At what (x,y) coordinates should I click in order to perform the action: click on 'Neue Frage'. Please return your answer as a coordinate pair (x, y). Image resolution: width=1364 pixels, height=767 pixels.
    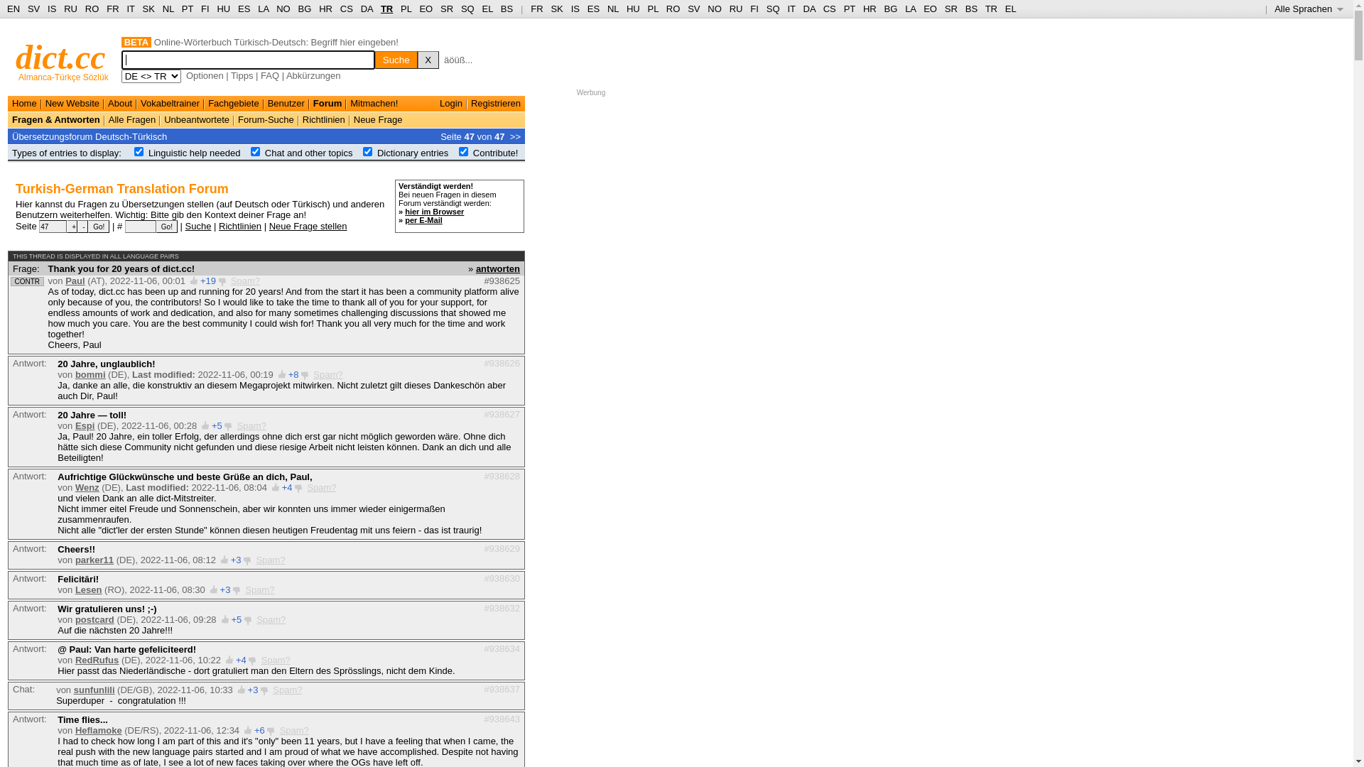
    Looking at the image, I should click on (378, 119).